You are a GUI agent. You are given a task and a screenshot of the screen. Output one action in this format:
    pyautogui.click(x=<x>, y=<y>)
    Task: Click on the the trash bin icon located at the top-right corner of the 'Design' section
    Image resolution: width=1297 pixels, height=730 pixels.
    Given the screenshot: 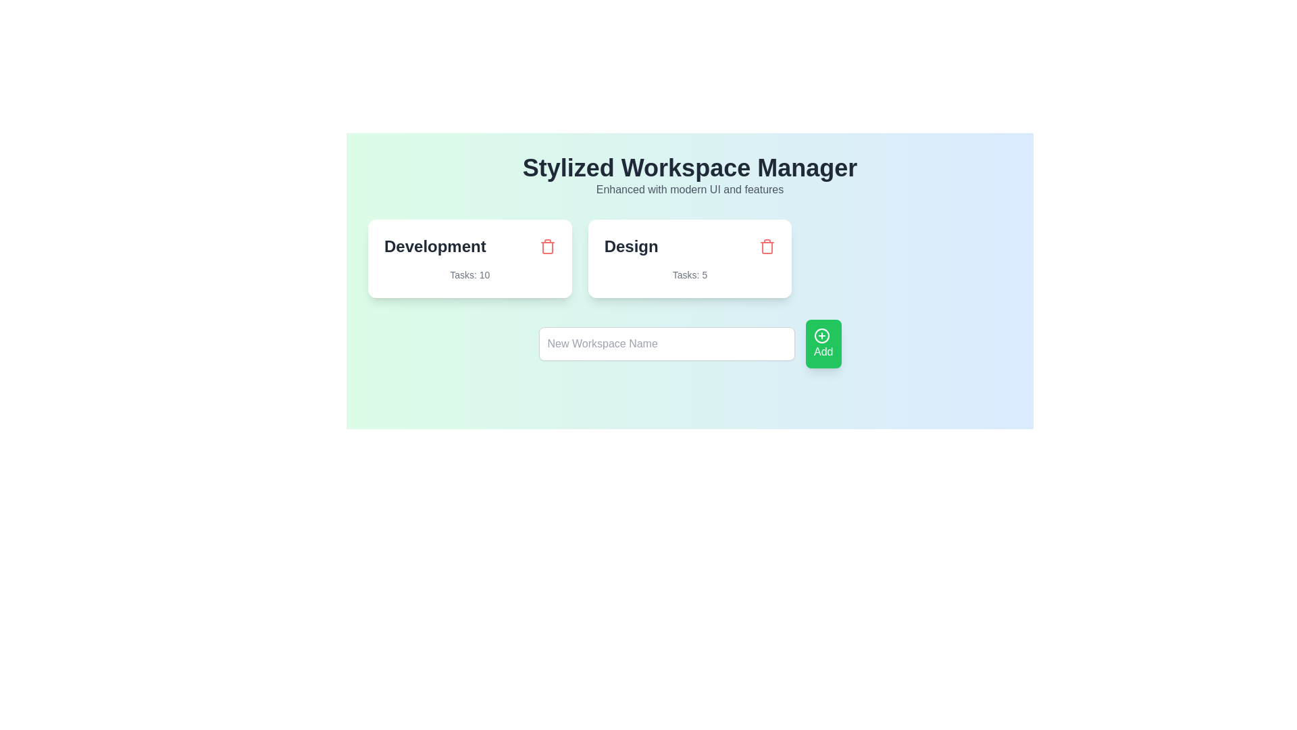 What is the action you would take?
    pyautogui.click(x=767, y=247)
    